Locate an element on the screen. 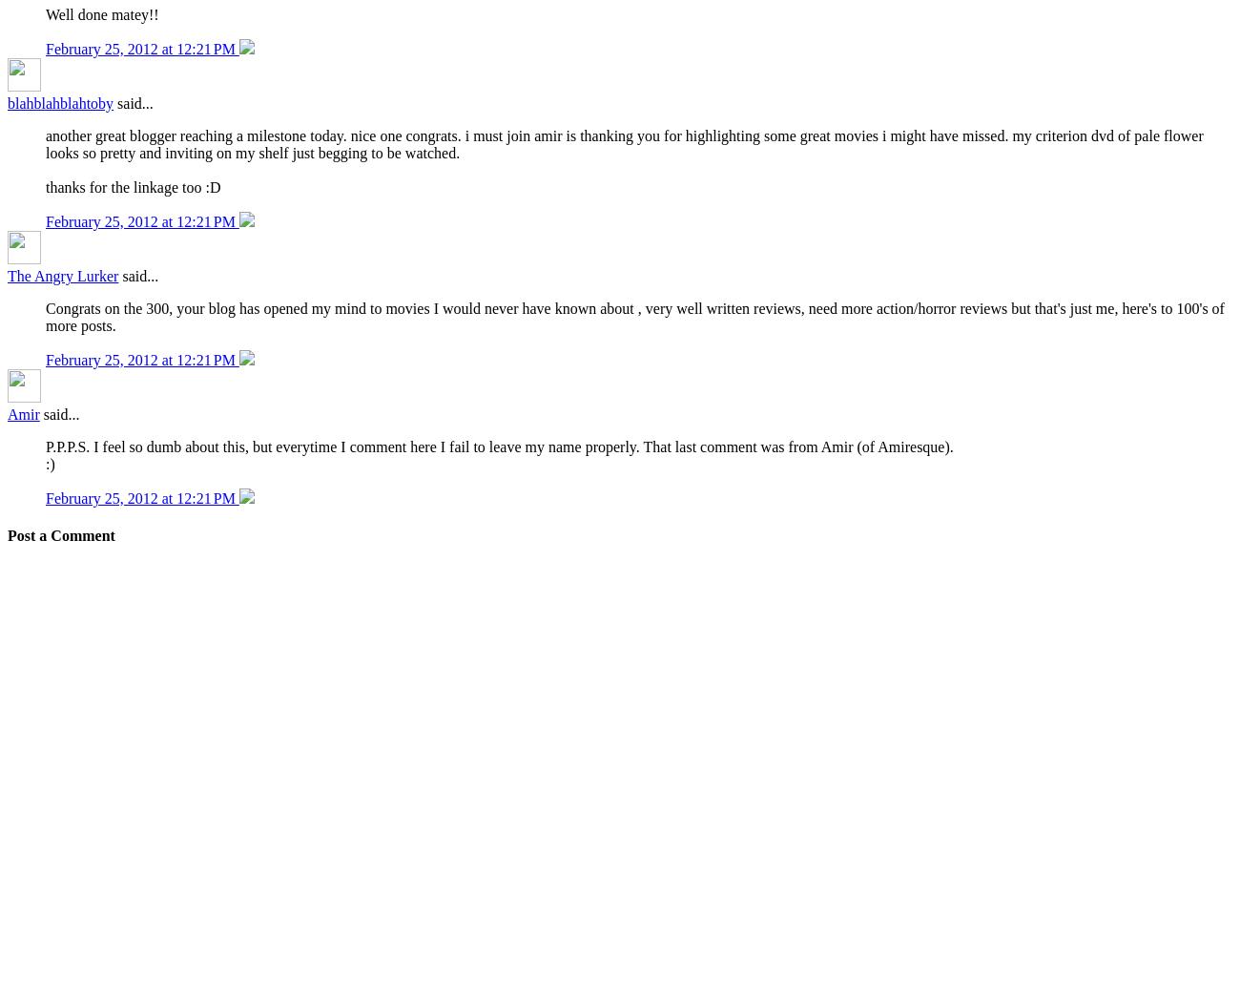 The height and width of the screenshot is (997, 1240). 'P.P.P.S. I feel so dumb about this, but everytime I comment here I fail to leave my name properly. That last comment was from Amir (of Amiresque).' is located at coordinates (44, 446).